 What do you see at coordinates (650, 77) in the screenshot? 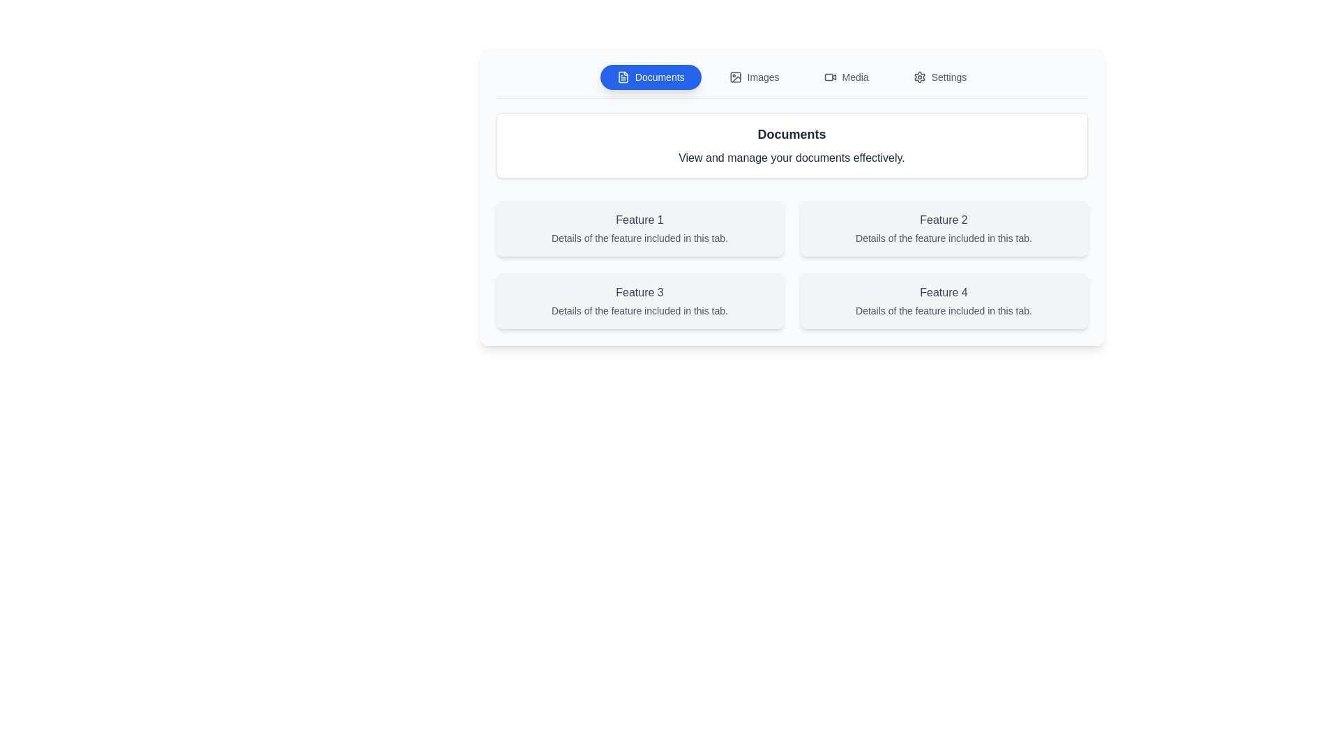
I see `the navigation button for 'Documents'` at bounding box center [650, 77].